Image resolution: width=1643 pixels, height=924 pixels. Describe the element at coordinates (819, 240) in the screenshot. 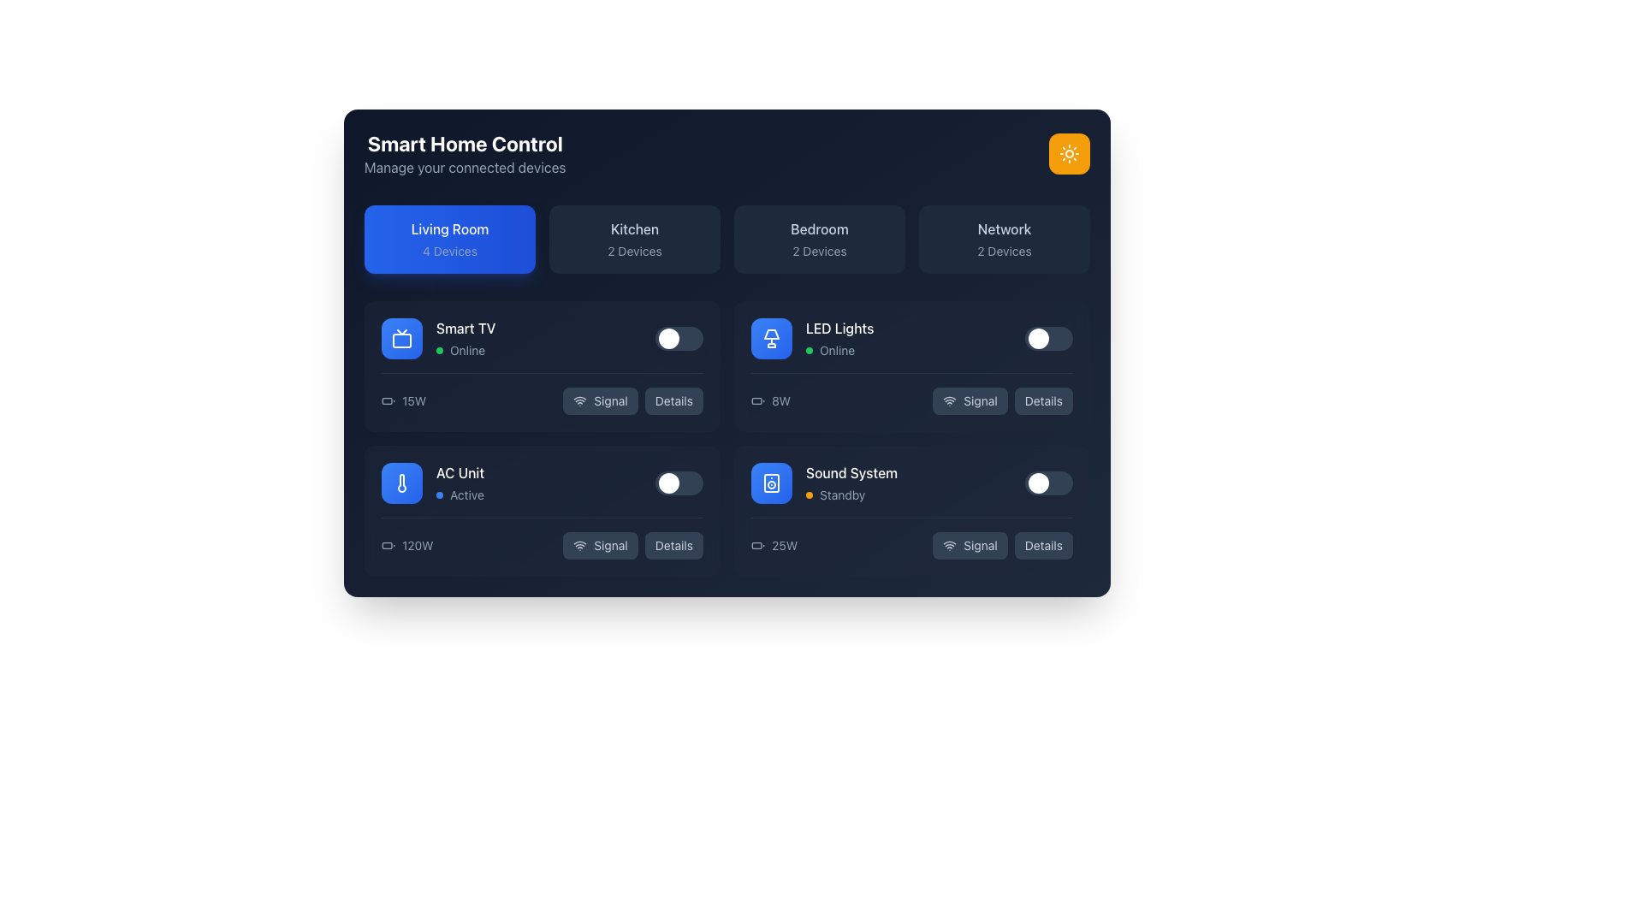

I see `the 'Bedroom' button, which is the third button in a row of four, located between 'Kitchen' and 'Network' near the top-center of the interface` at that location.